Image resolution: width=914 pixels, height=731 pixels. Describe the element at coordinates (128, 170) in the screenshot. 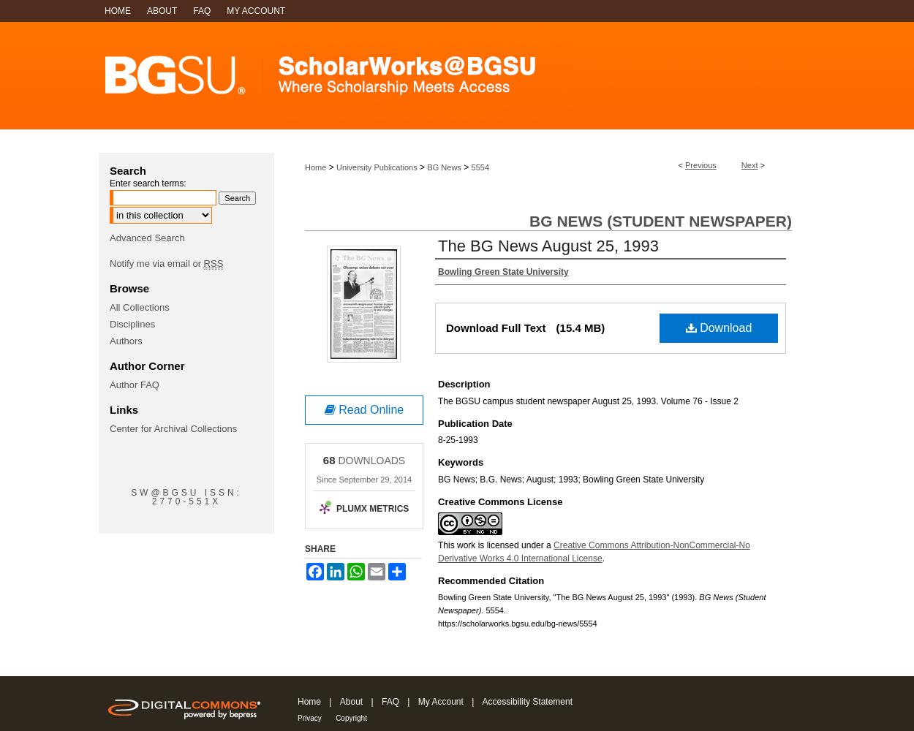

I see `'Search'` at that location.